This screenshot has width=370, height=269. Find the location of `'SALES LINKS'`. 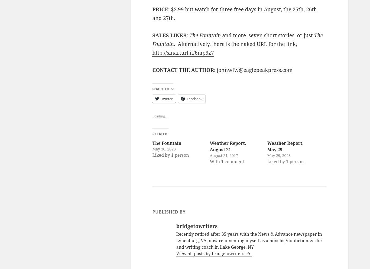

'SALES LINKS' is located at coordinates (169, 35).